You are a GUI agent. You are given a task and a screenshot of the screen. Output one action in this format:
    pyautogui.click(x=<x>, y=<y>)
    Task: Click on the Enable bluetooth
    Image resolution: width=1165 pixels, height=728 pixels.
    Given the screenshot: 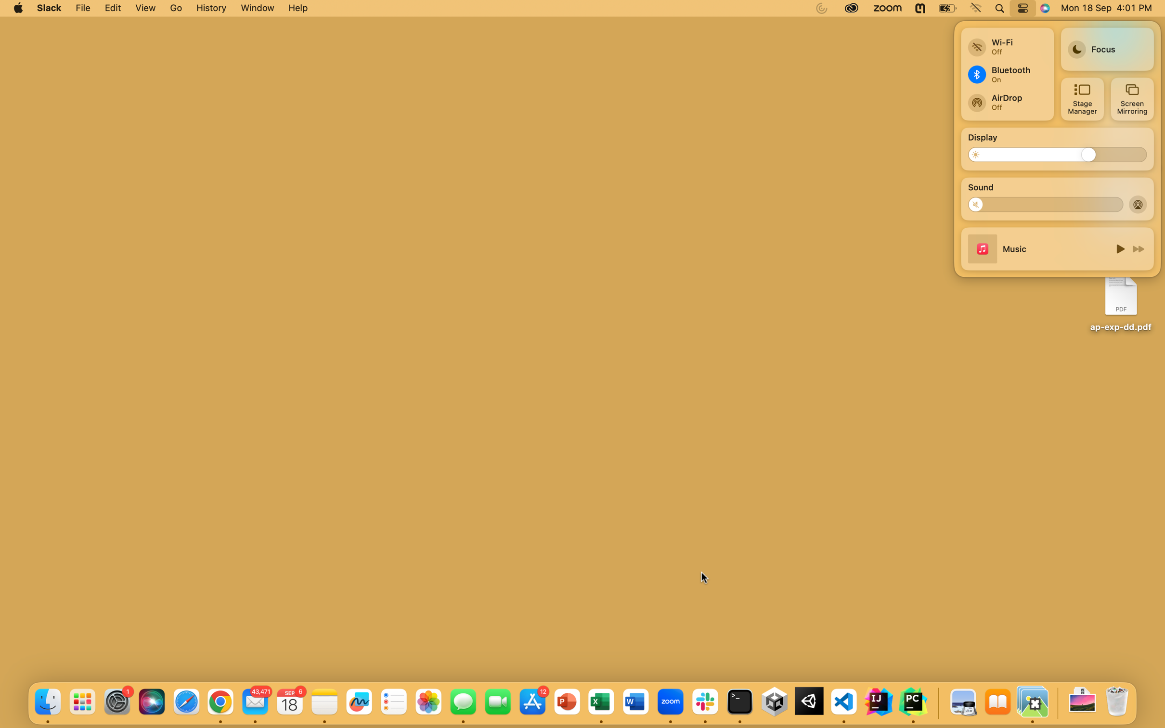 What is the action you would take?
    pyautogui.click(x=1006, y=74)
    